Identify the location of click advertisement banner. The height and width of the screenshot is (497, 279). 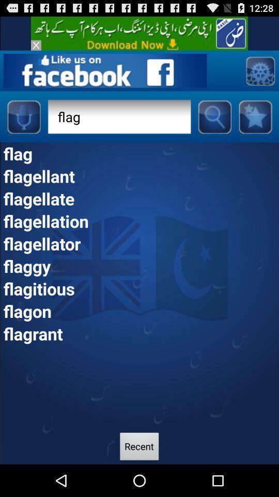
(139, 33).